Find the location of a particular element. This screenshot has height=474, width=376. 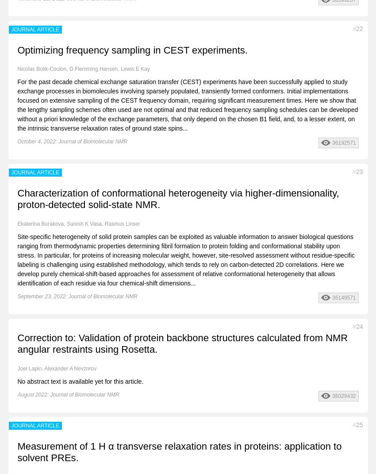

'Measurement of 1 H α transverse relaxation rates in proteins: application to solvent PREs.' is located at coordinates (179, 451).